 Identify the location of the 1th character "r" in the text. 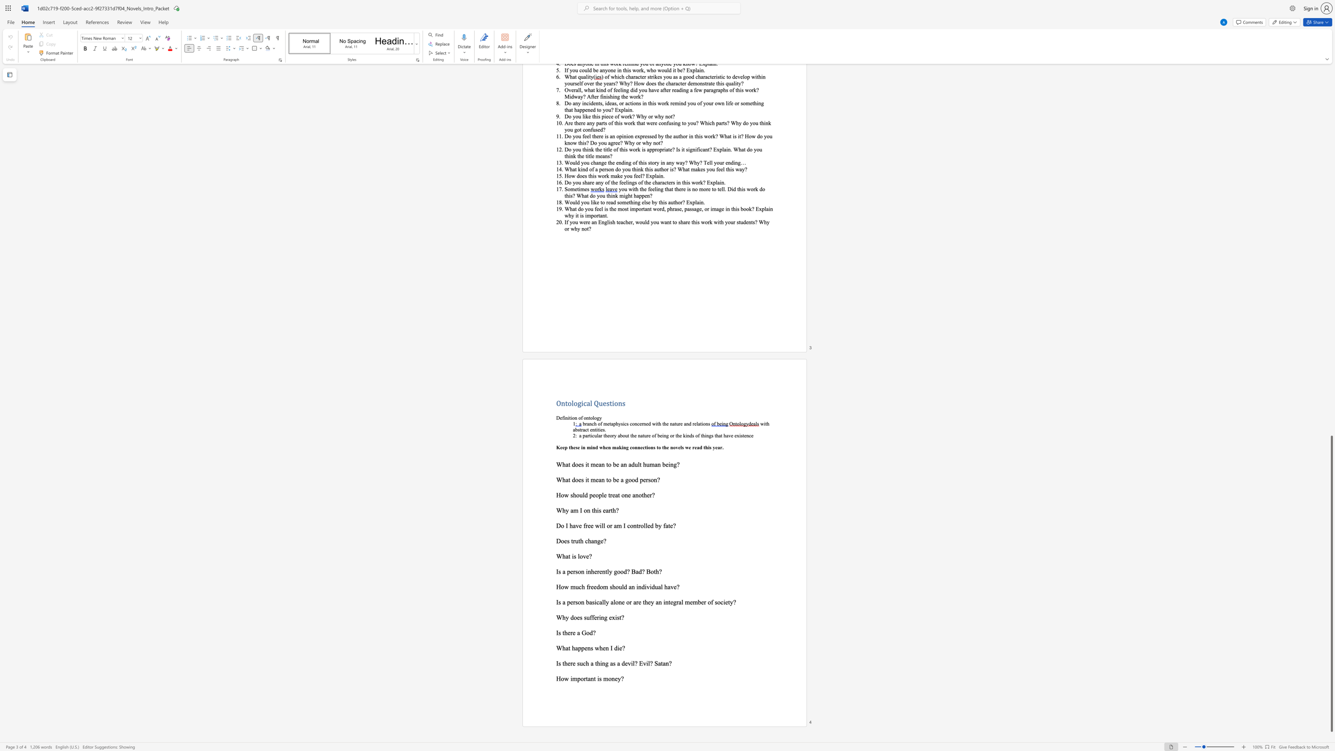
(609, 509).